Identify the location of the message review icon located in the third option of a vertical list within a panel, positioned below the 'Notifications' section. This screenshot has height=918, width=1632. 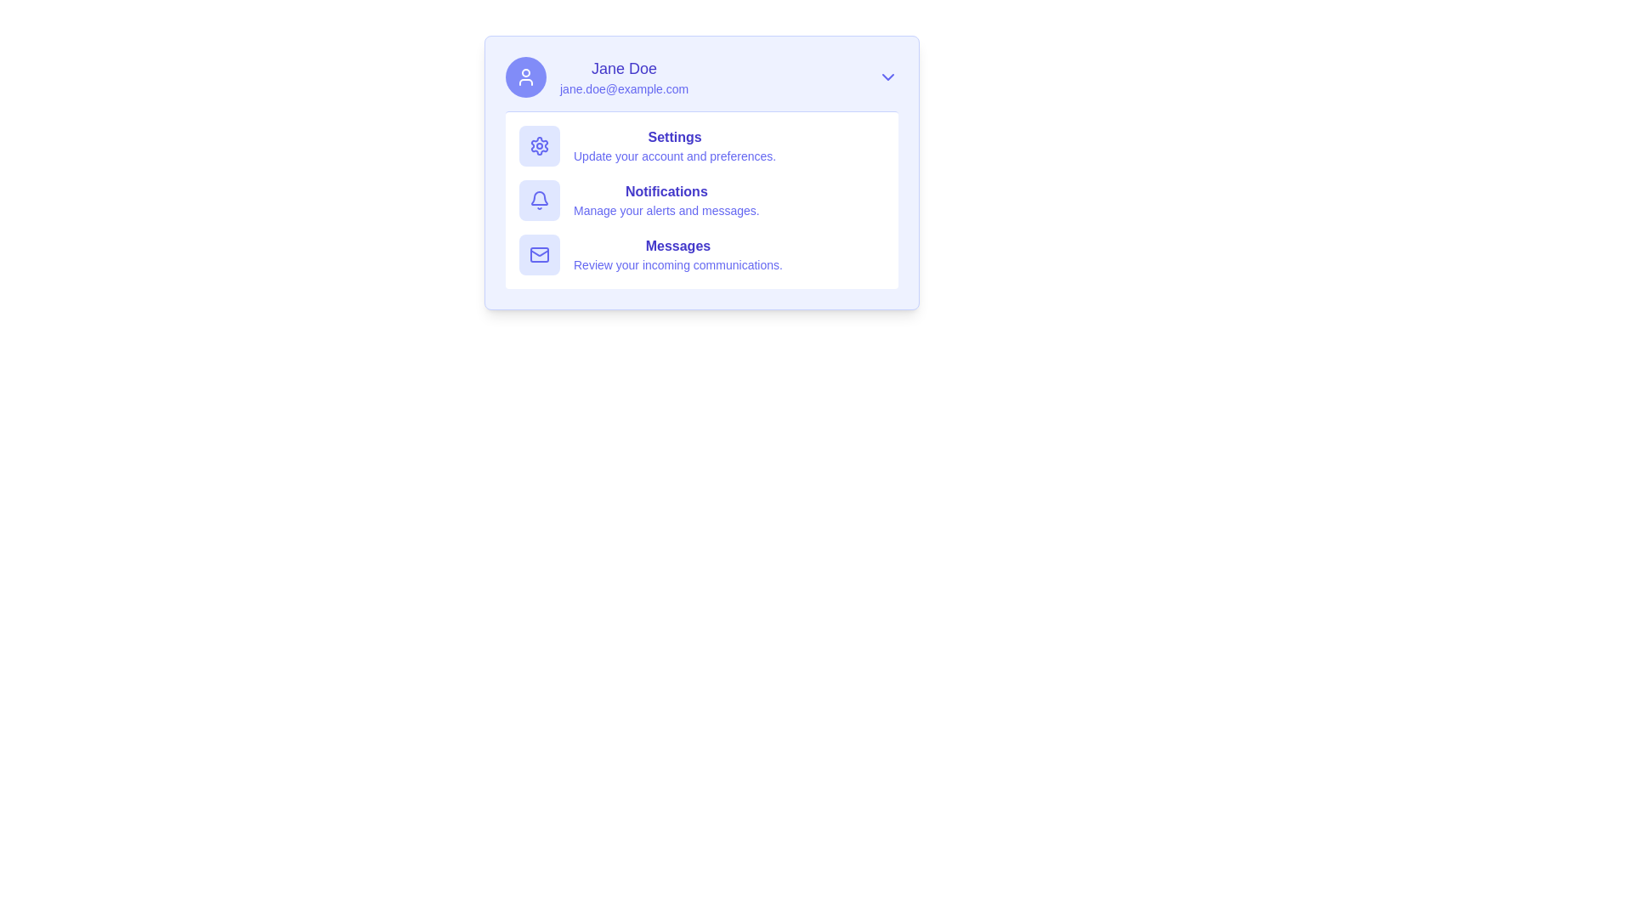
(701, 255).